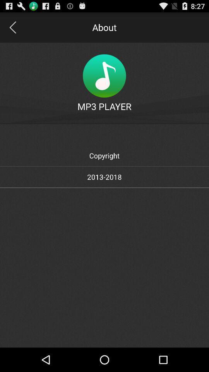 This screenshot has height=372, width=209. Describe the element at coordinates (12, 27) in the screenshot. I see `click arrow to go to previous page or screen` at that location.